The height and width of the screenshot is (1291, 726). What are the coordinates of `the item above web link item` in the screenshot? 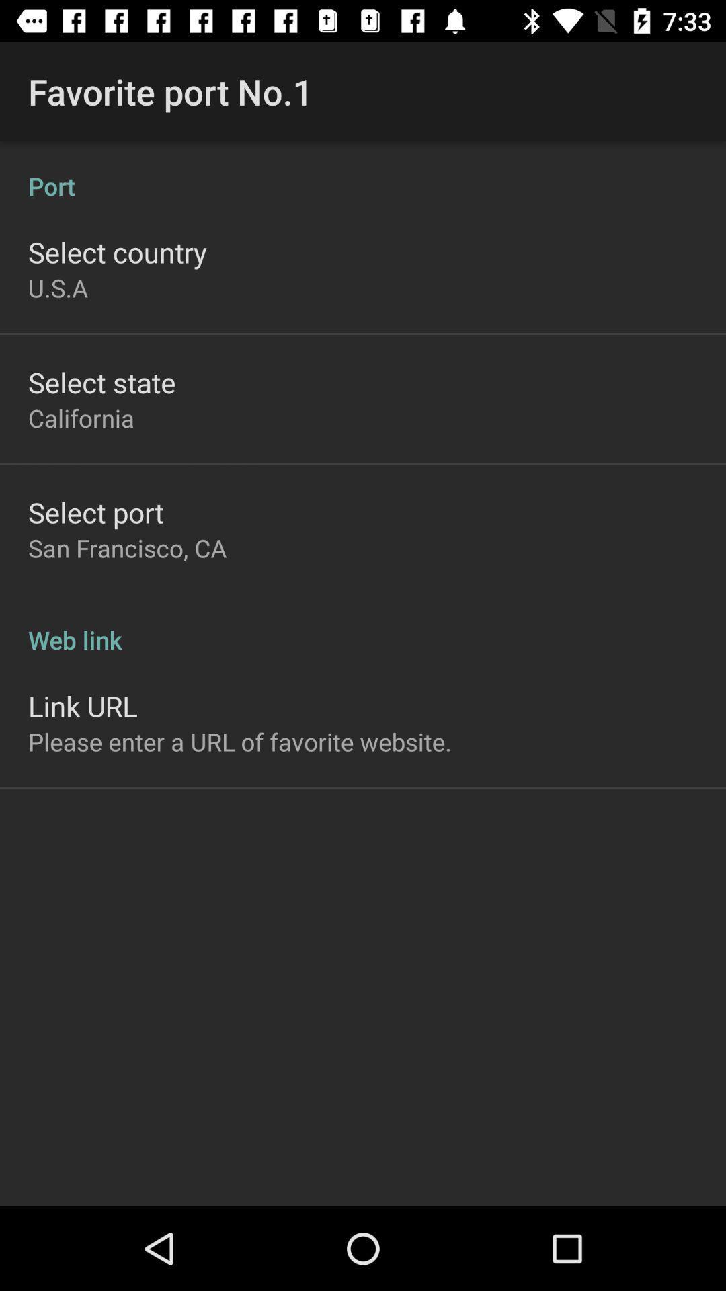 It's located at (127, 548).